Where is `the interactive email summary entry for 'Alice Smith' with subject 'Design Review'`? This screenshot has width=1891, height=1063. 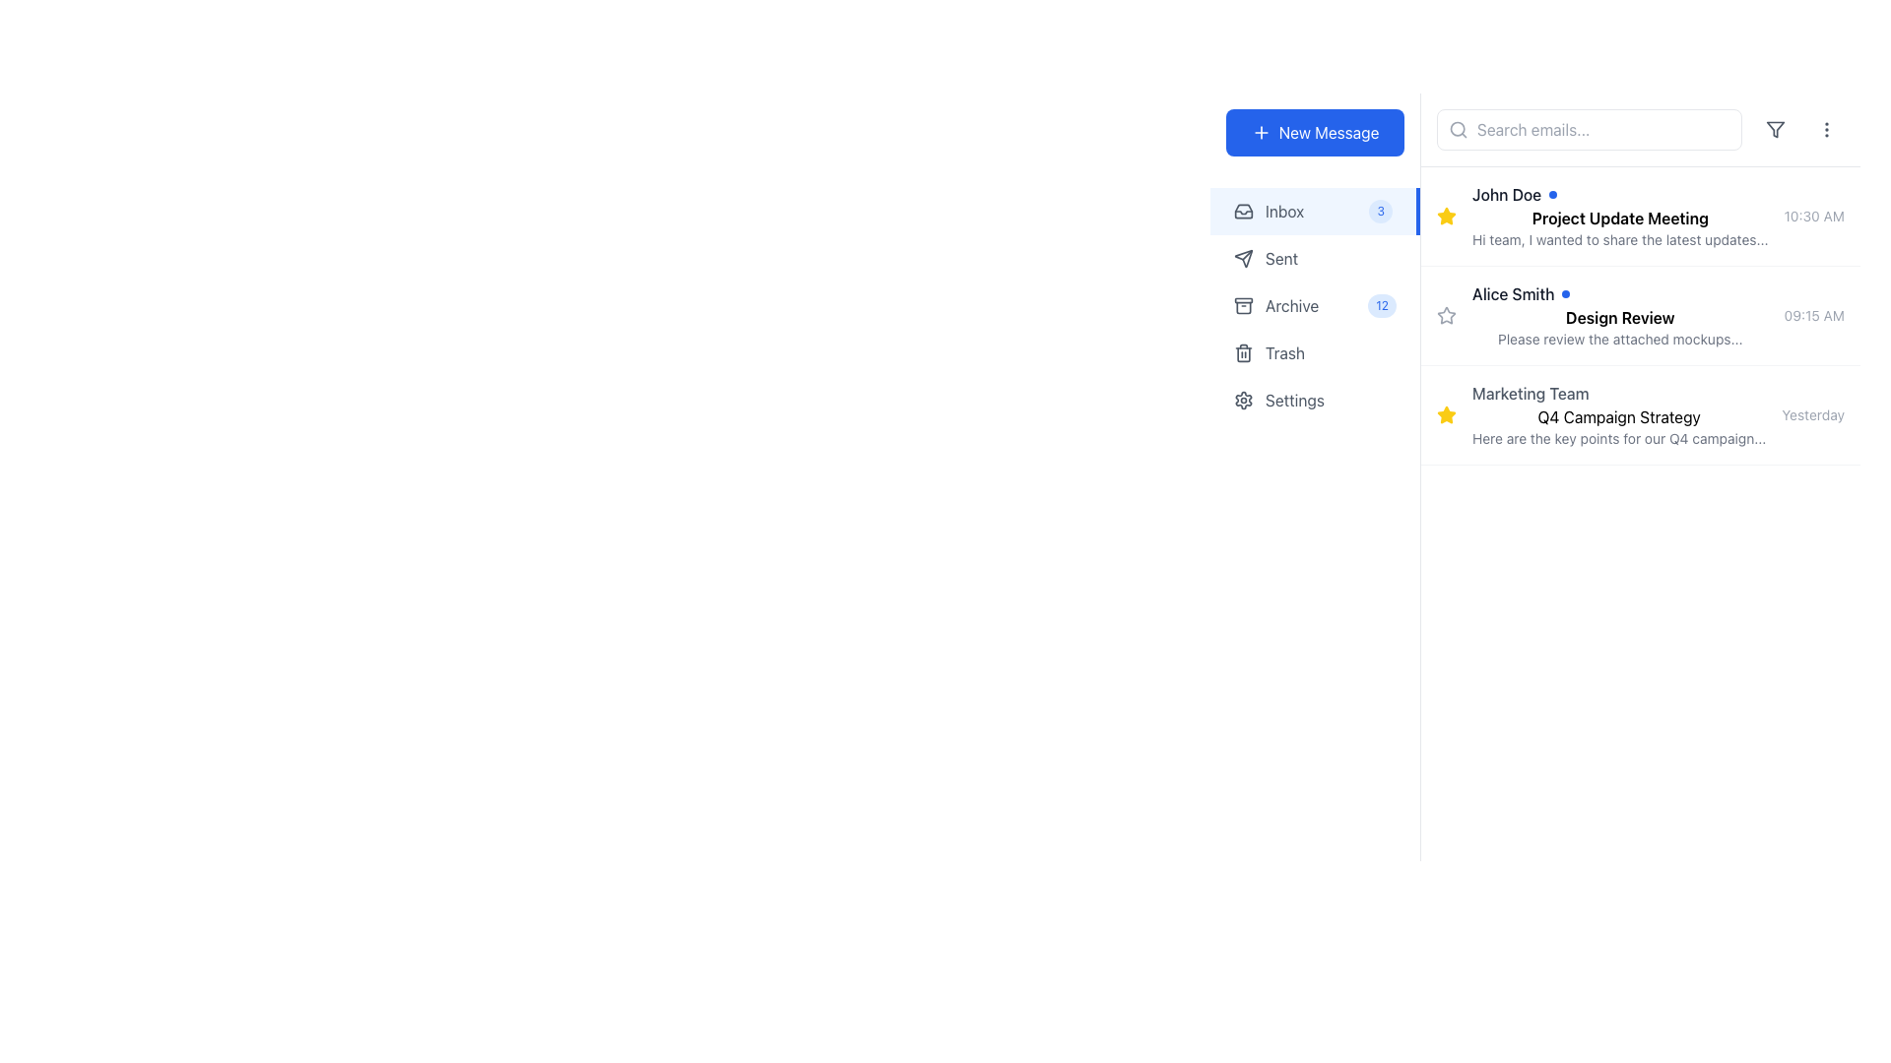 the interactive email summary entry for 'Alice Smith' with subject 'Design Review' is located at coordinates (1640, 314).